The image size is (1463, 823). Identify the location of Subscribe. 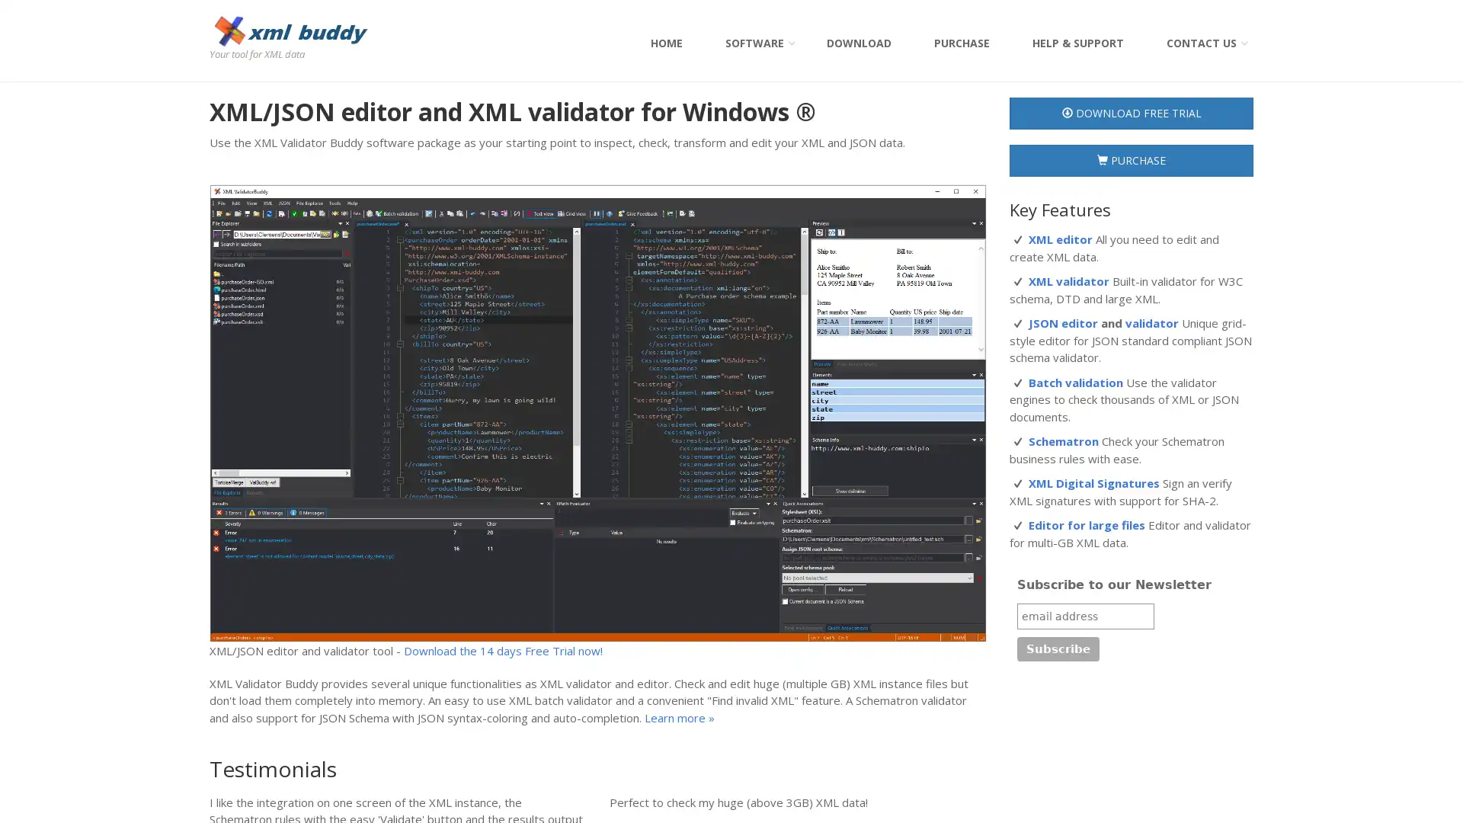
(1057, 649).